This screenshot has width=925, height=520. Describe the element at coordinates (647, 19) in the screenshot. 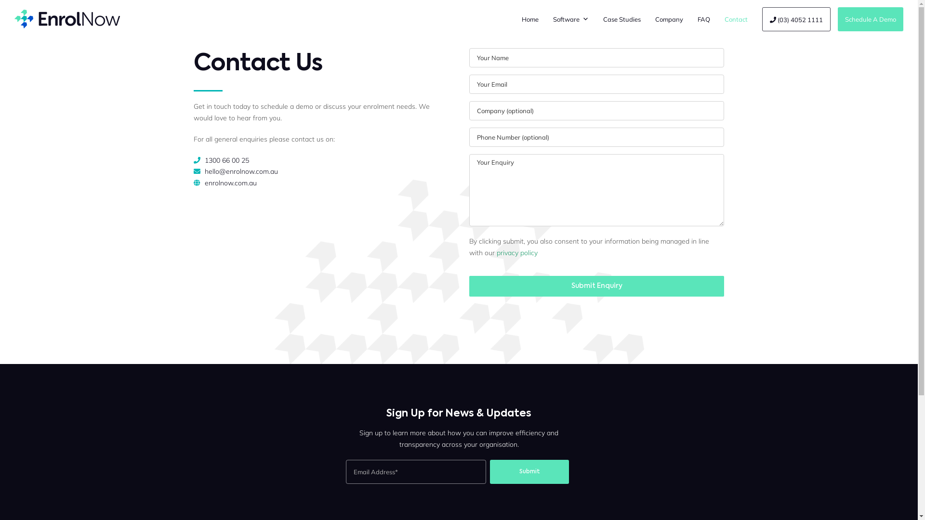

I see `'Company'` at that location.